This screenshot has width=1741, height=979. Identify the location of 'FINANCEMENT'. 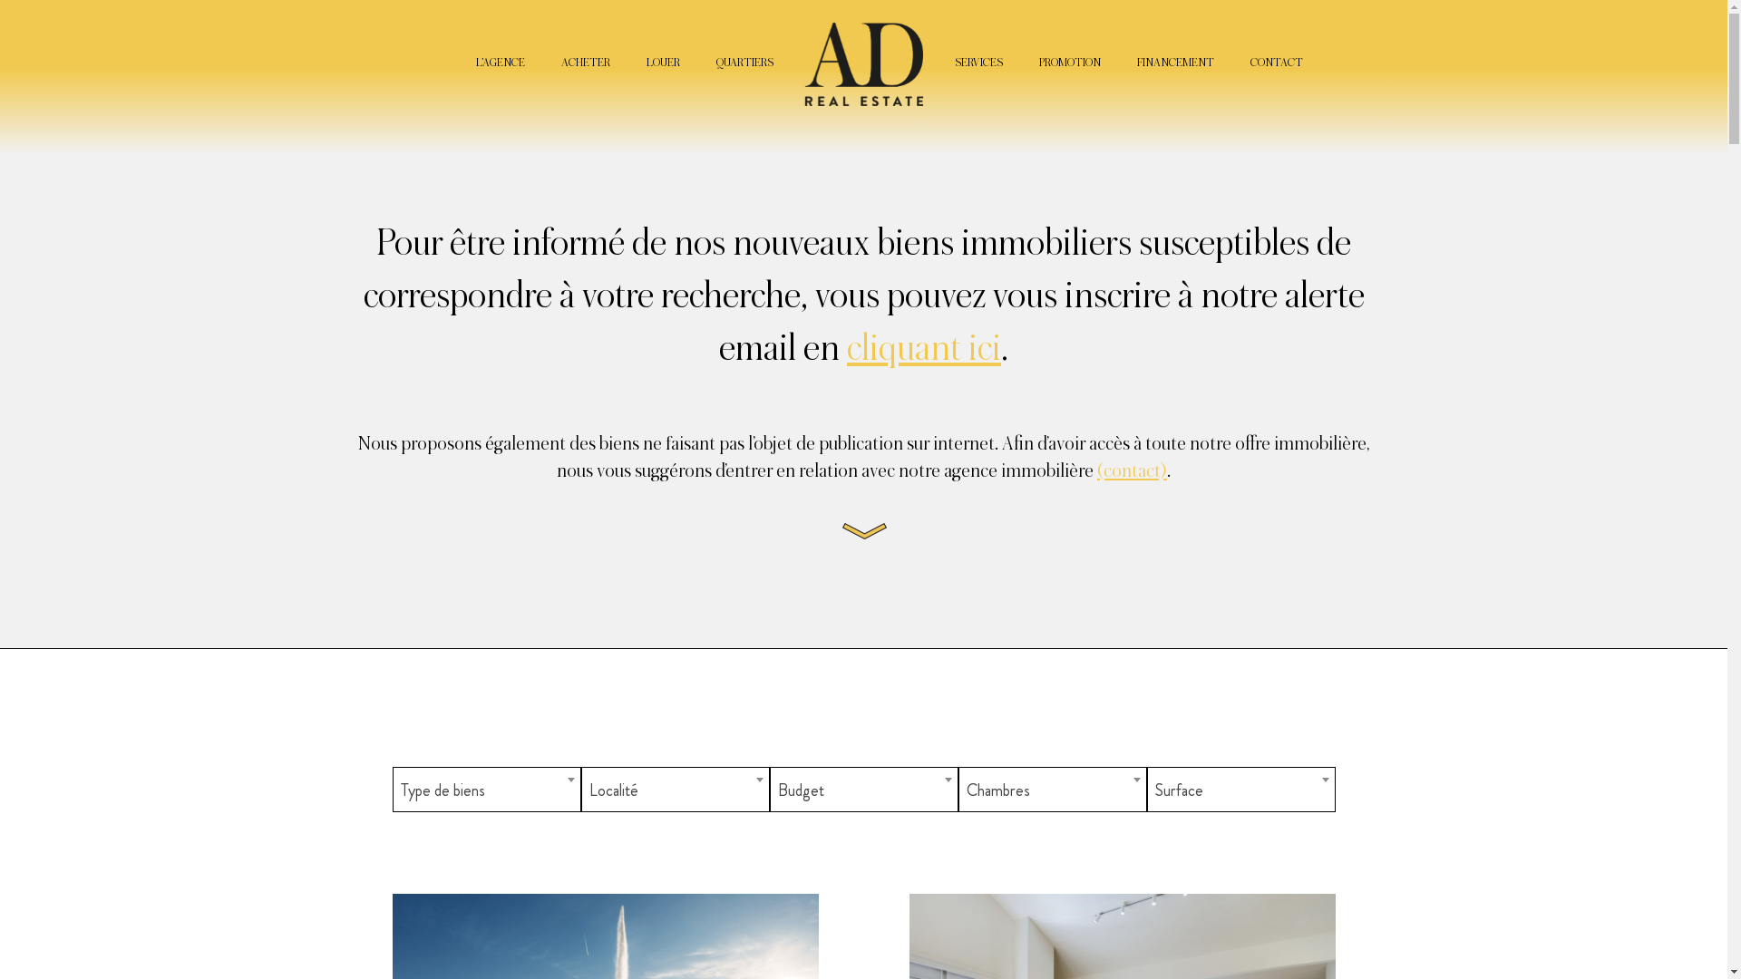
(1175, 62).